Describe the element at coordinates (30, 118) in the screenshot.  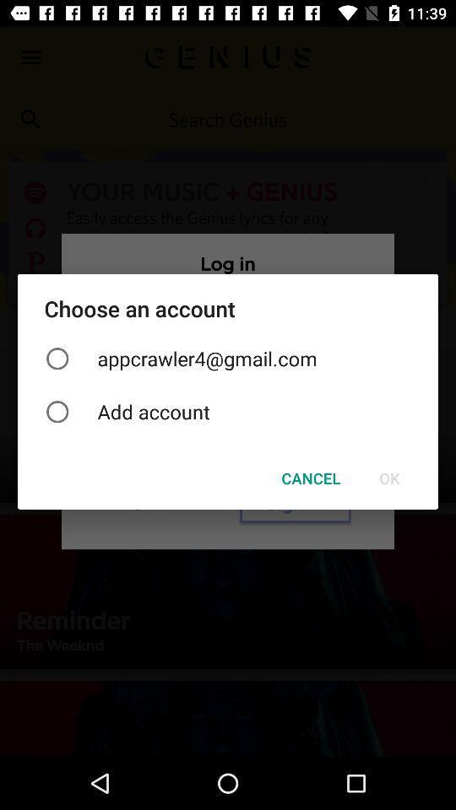
I see `the search icon` at that location.